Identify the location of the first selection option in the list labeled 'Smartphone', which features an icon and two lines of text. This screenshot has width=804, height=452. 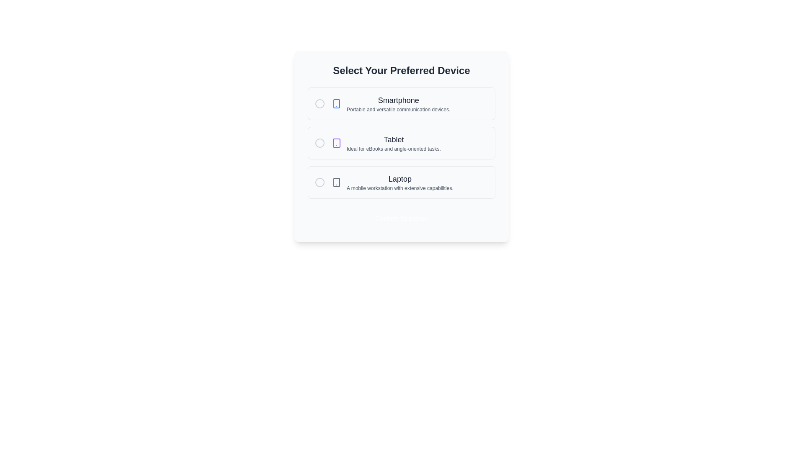
(390, 103).